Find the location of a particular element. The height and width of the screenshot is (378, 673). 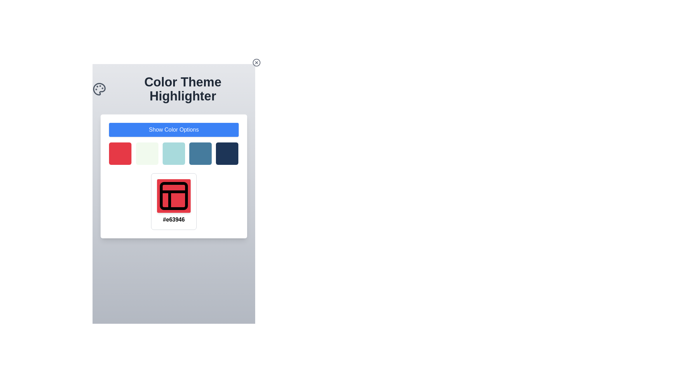

the header section containing the text 'Color Theme Highlighter' with an adjacent painter's palette icon, centrally aligned just below the close button is located at coordinates (174, 89).